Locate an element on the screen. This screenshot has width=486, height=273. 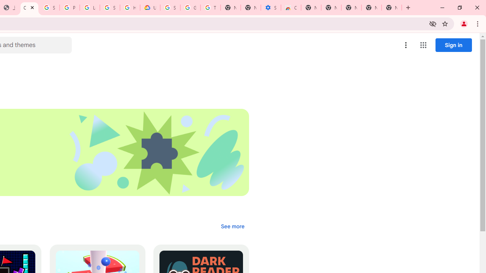
'Sign in - Google Accounts' is located at coordinates (49, 8).